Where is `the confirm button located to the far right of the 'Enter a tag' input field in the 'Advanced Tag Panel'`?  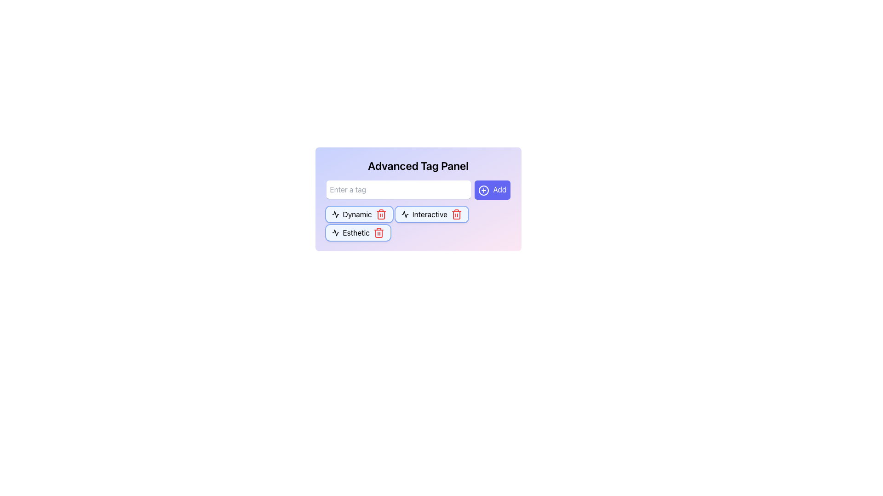 the confirm button located to the far right of the 'Enter a tag' input field in the 'Advanced Tag Panel' is located at coordinates (492, 189).